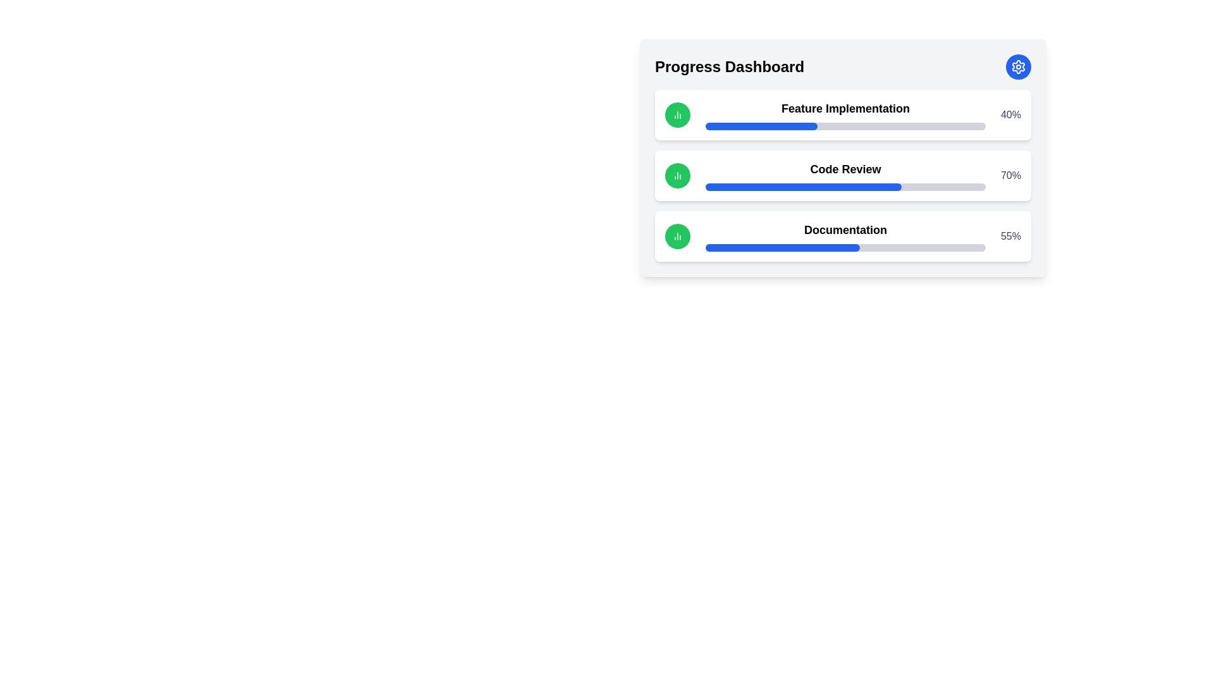 The width and height of the screenshot is (1214, 683). I want to click on the blue filled section of the progress bar labeled 'Documentation', which is 55% filled and located at the bottom of the progress dashboard, so click(782, 248).